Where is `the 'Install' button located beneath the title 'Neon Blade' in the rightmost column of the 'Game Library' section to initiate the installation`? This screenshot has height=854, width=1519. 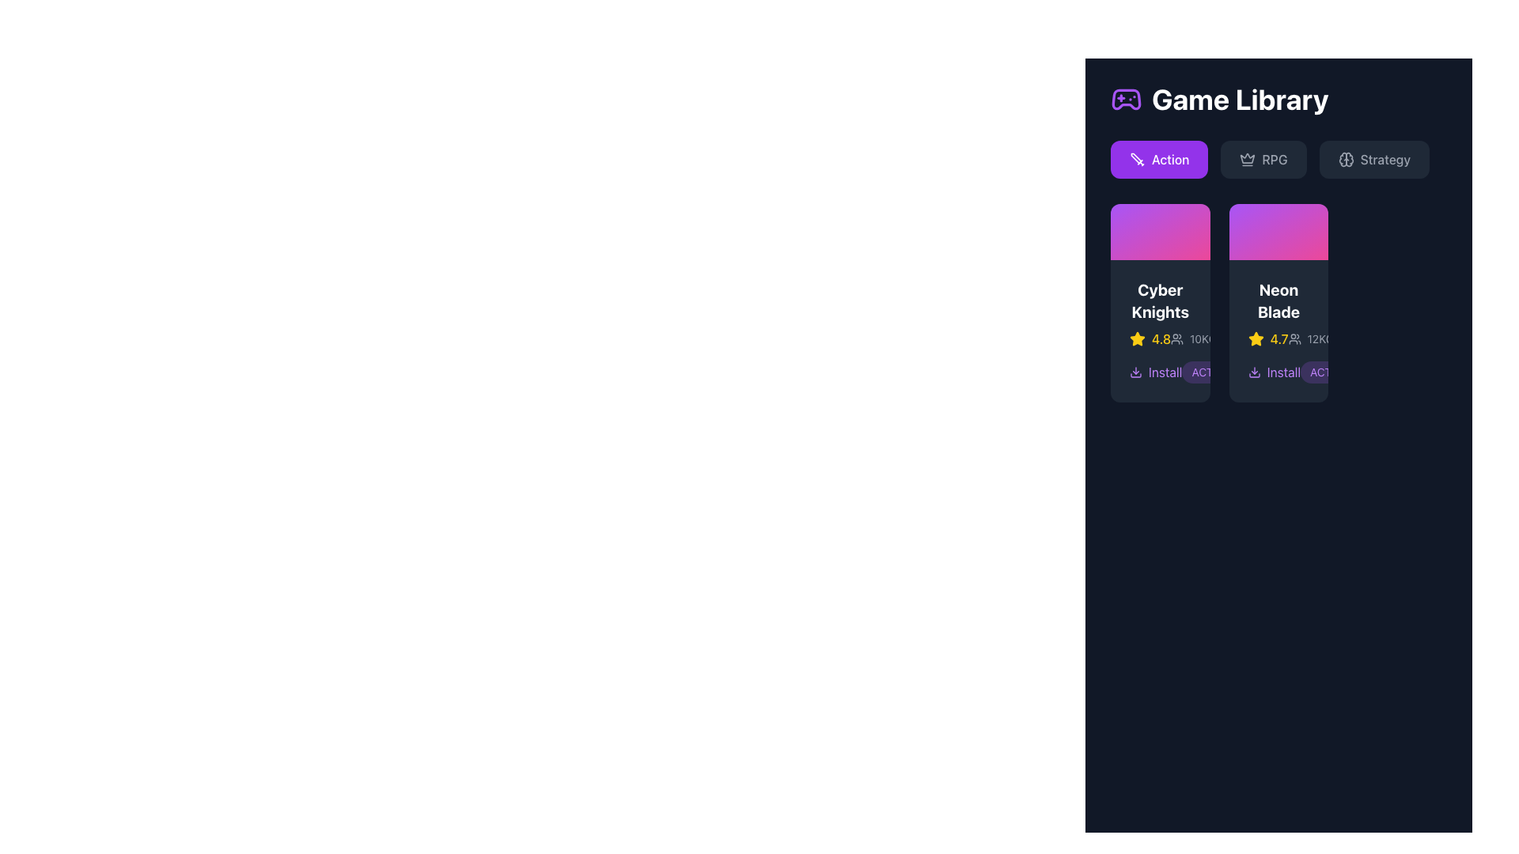 the 'Install' button located beneath the title 'Neon Blade' in the rightmost column of the 'Game Library' section to initiate the installation is located at coordinates (1274, 372).